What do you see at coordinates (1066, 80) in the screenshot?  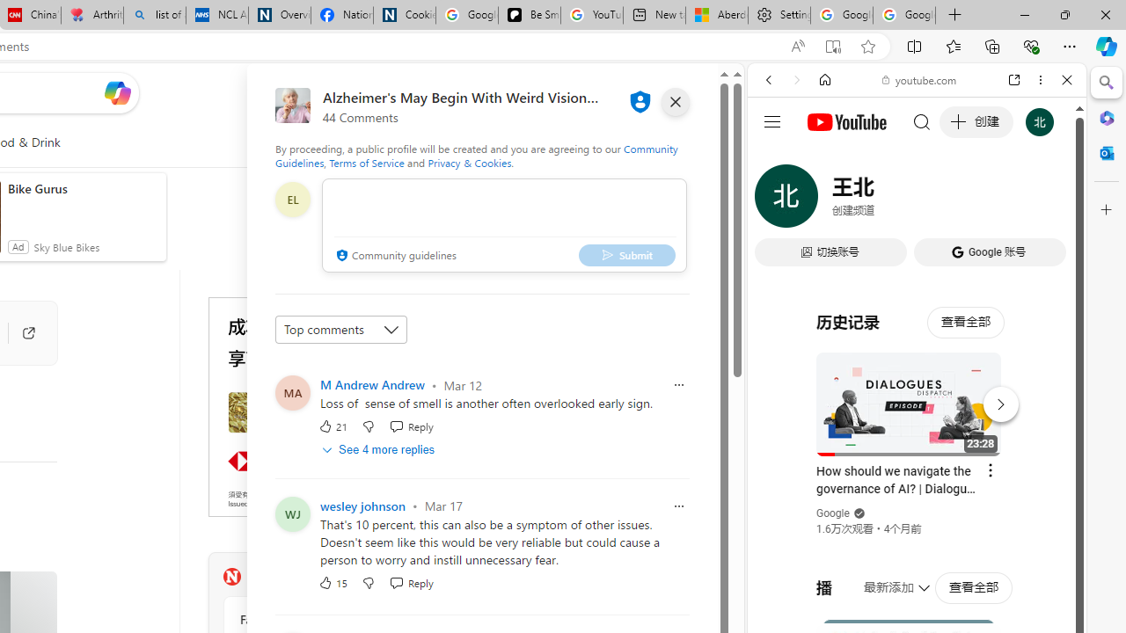 I see `'Close'` at bounding box center [1066, 80].